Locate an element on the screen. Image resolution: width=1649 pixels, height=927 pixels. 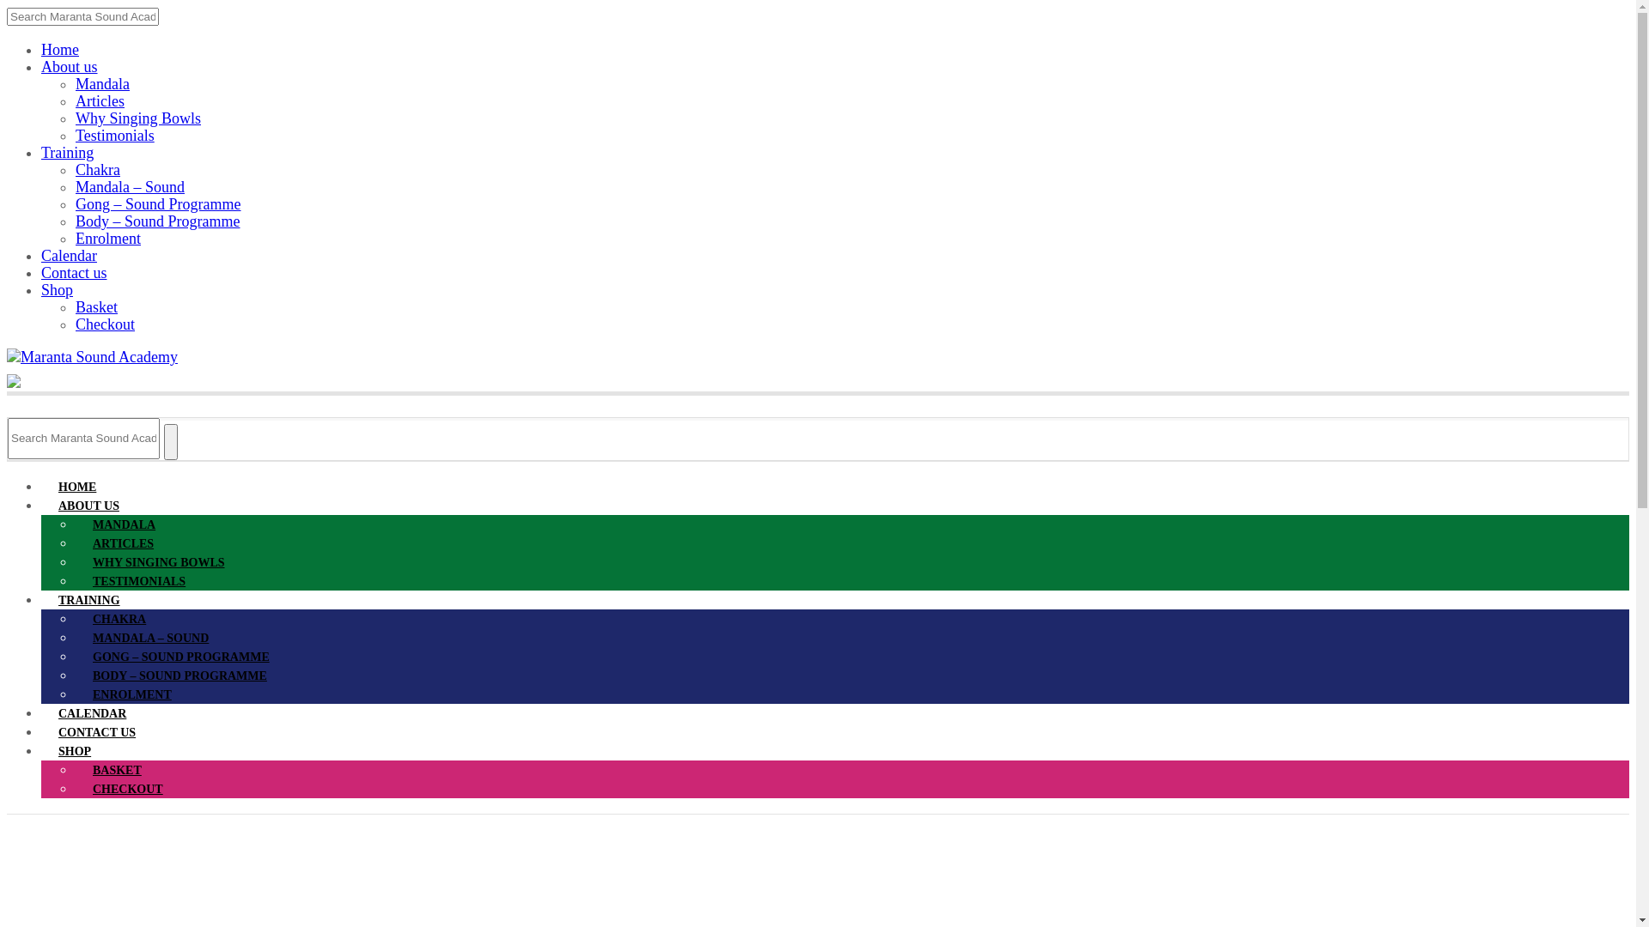
'Mandala' is located at coordinates (101, 83).